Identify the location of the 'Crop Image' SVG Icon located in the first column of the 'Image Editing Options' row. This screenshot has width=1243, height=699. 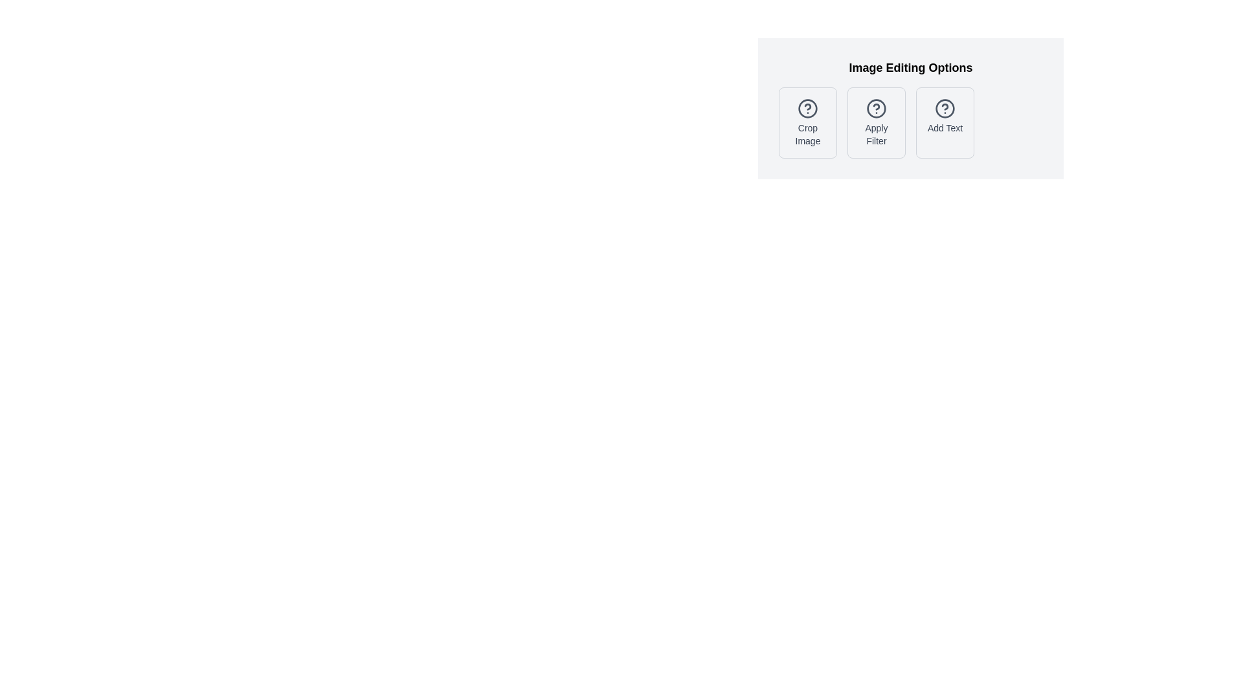
(807, 108).